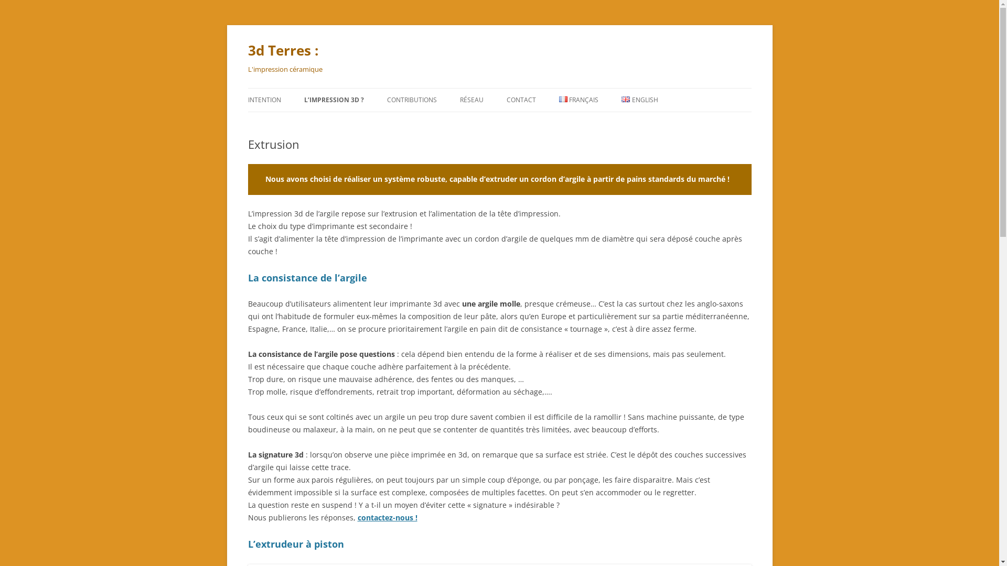  I want to click on 'CONTRIBUTIONS', so click(411, 100).